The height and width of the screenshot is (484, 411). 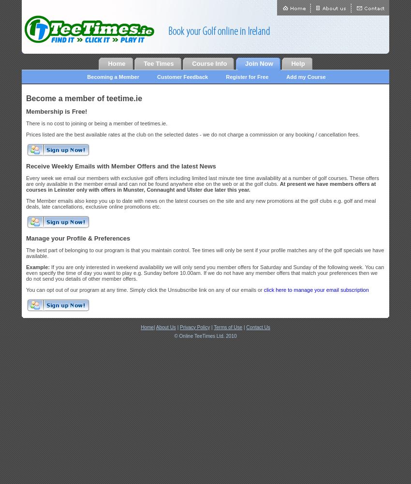 I want to click on '© Online TeeTimes Ltd. 2010', so click(x=173, y=335).